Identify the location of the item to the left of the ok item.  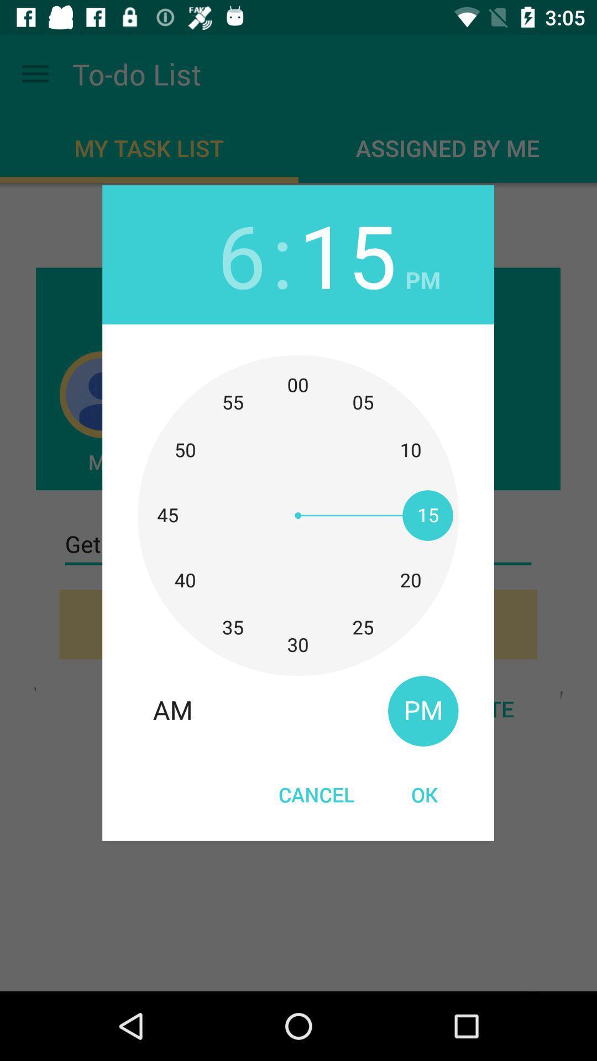
(317, 794).